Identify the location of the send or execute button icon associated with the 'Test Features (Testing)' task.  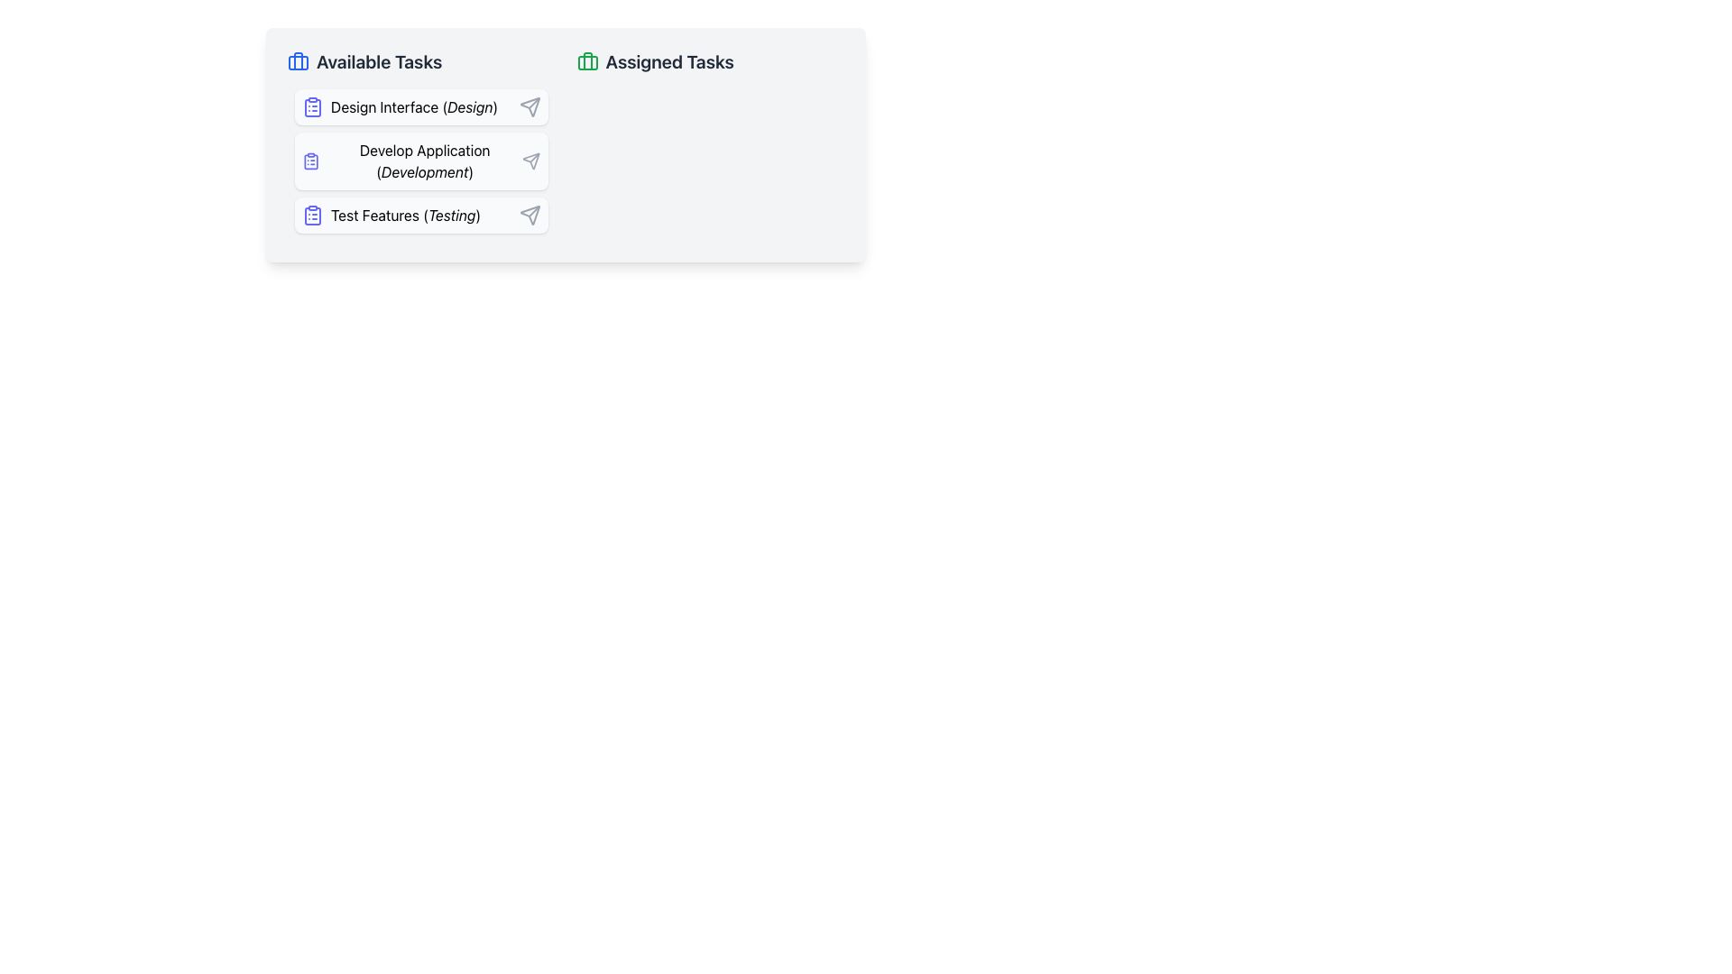
(529, 215).